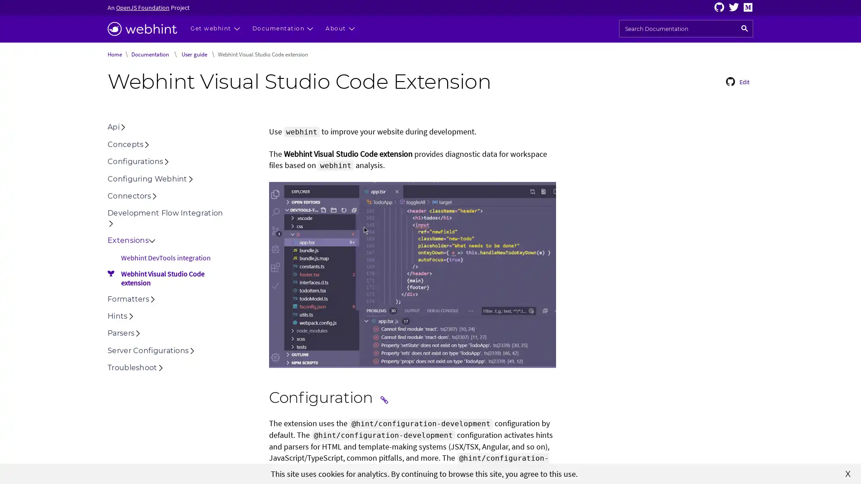 Image resolution: width=861 pixels, height=484 pixels. What do you see at coordinates (744, 28) in the screenshot?
I see `search` at bounding box center [744, 28].